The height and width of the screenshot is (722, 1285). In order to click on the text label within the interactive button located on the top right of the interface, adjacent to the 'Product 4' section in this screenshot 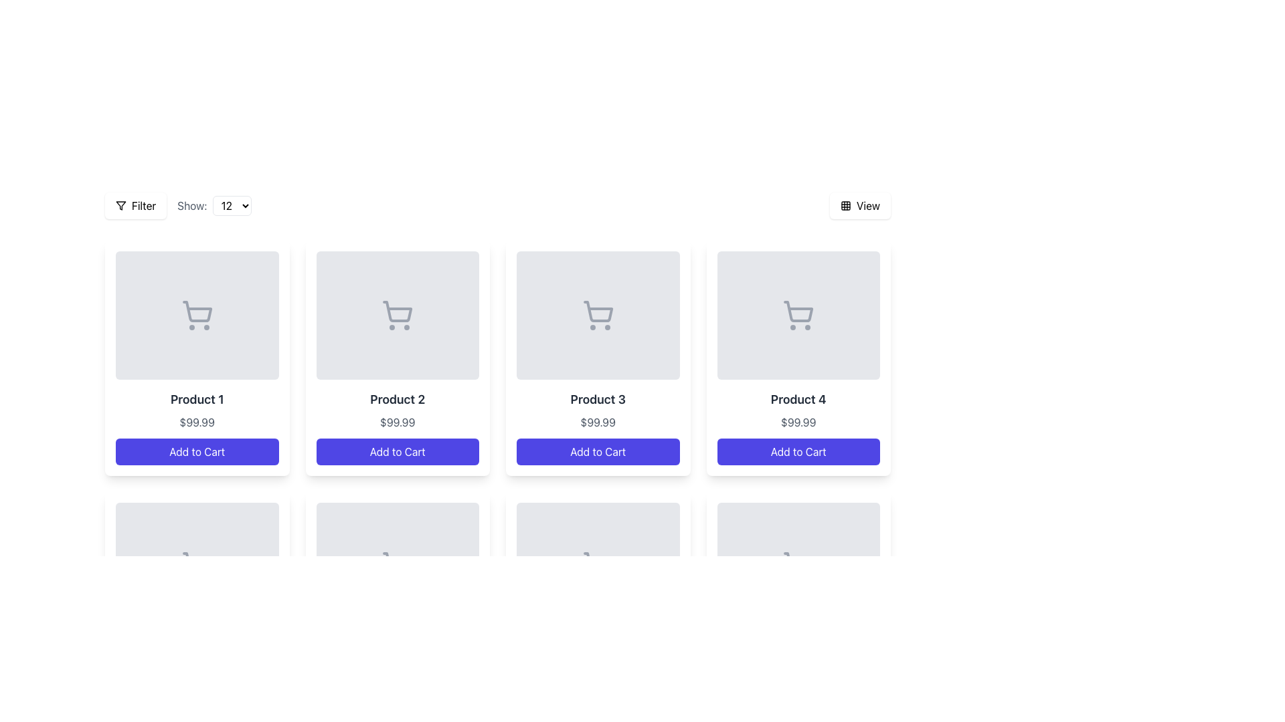, I will do `click(868, 206)`.